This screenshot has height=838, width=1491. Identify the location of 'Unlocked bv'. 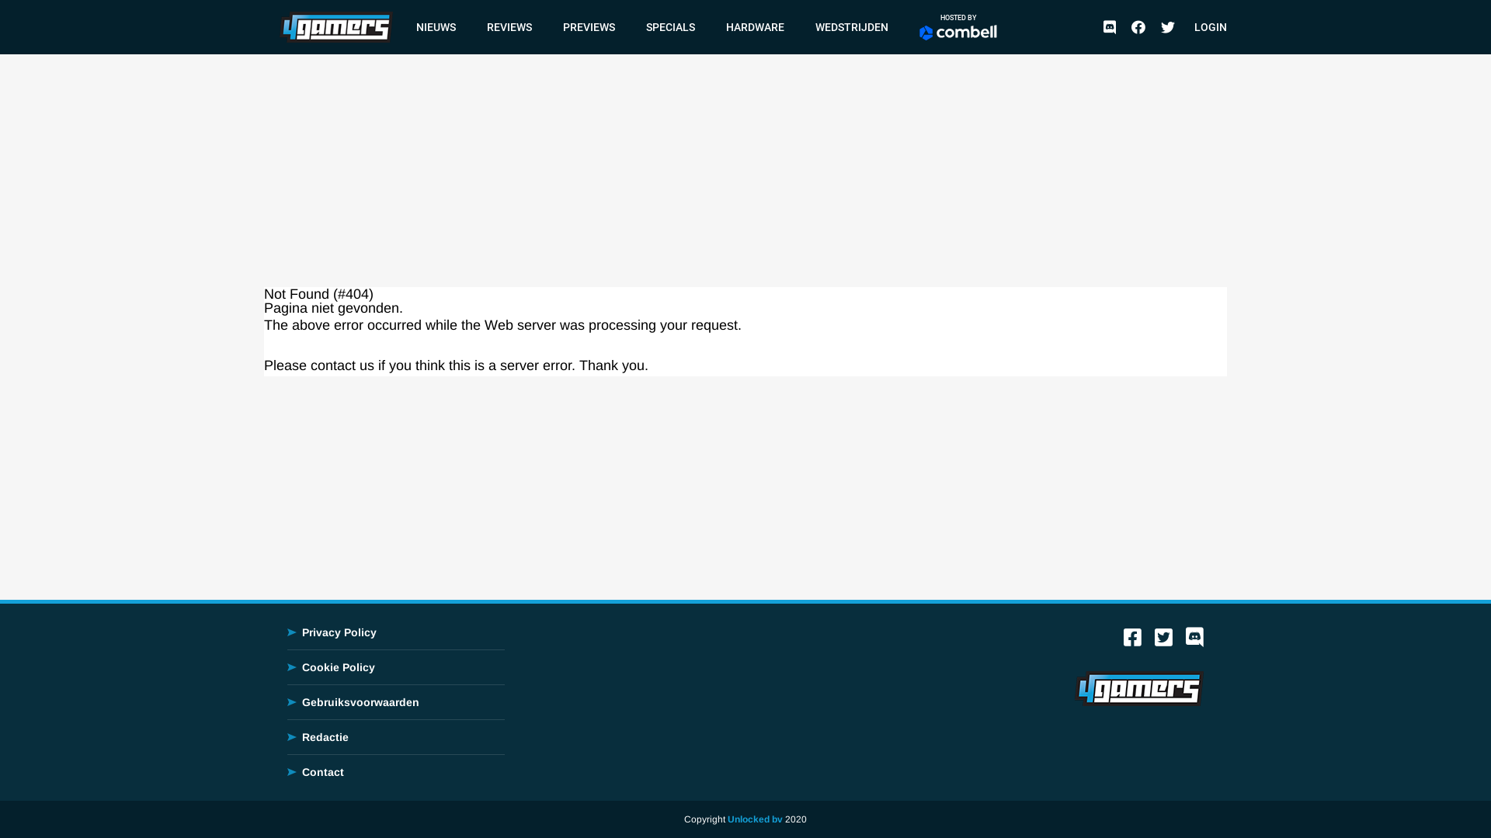
(755, 819).